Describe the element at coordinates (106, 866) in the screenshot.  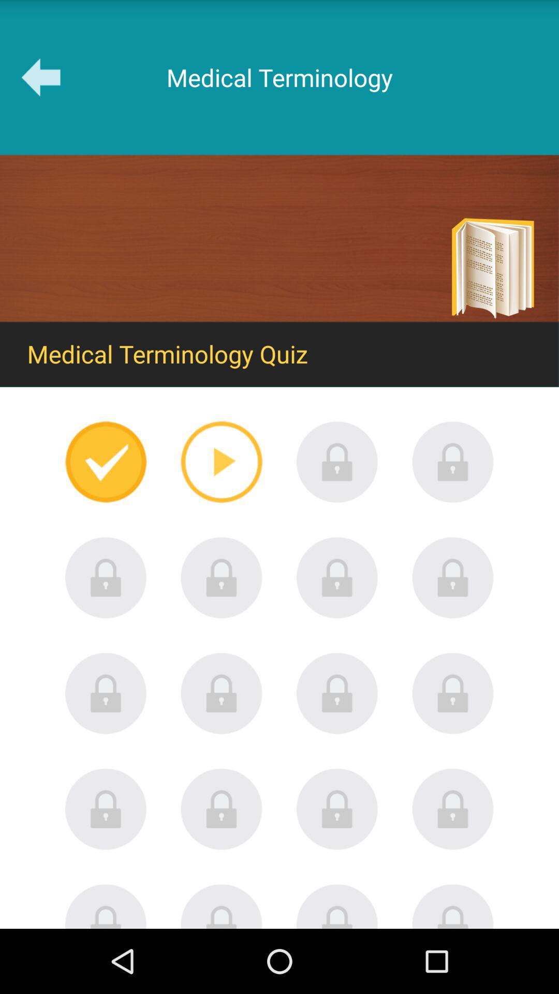
I see `the lock icon` at that location.